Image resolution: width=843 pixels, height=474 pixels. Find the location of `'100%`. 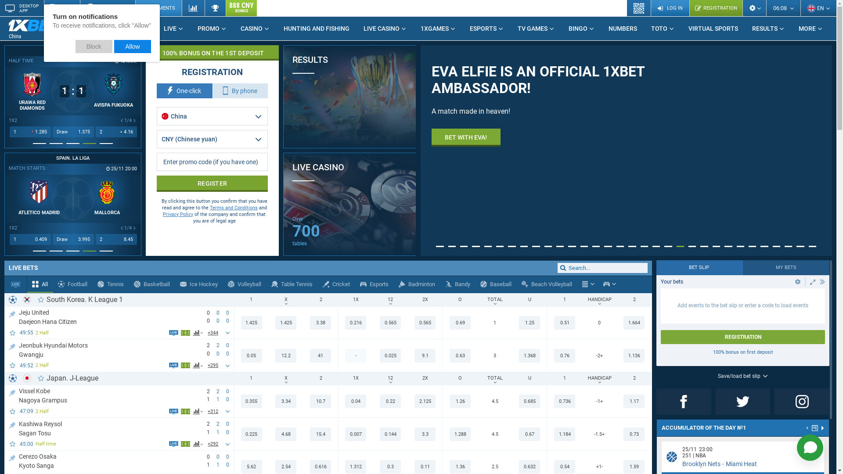

'100% is located at coordinates (212, 53).